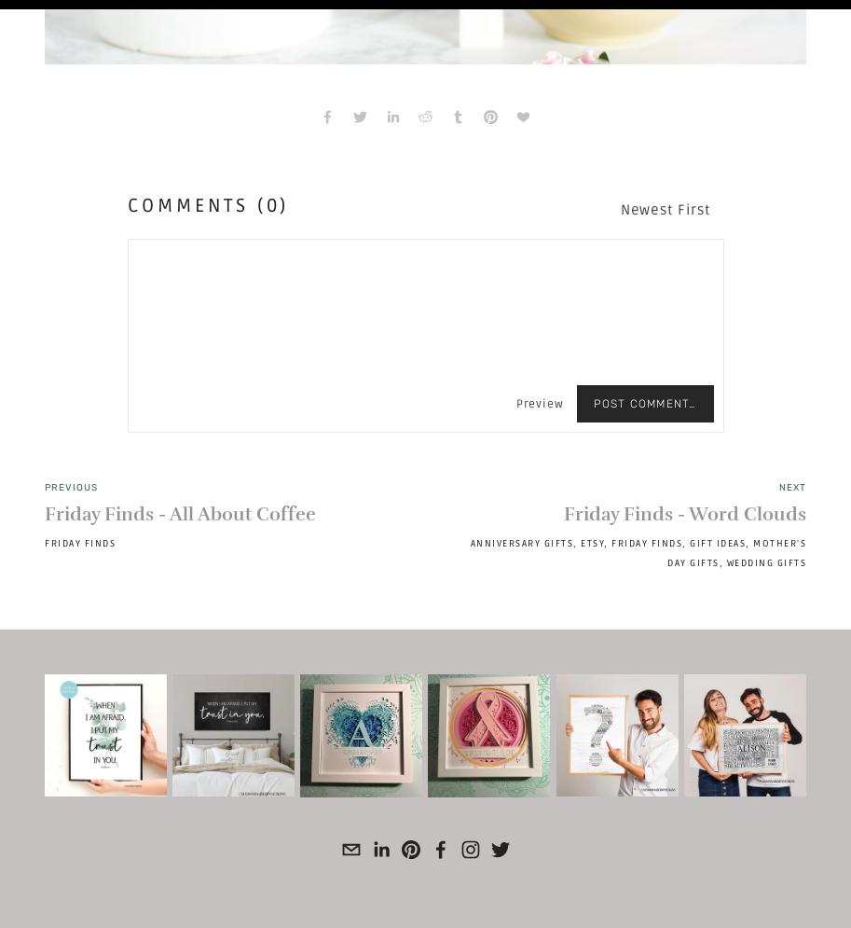  Describe the element at coordinates (644, 403) in the screenshot. I see `'Post Comment…'` at that location.